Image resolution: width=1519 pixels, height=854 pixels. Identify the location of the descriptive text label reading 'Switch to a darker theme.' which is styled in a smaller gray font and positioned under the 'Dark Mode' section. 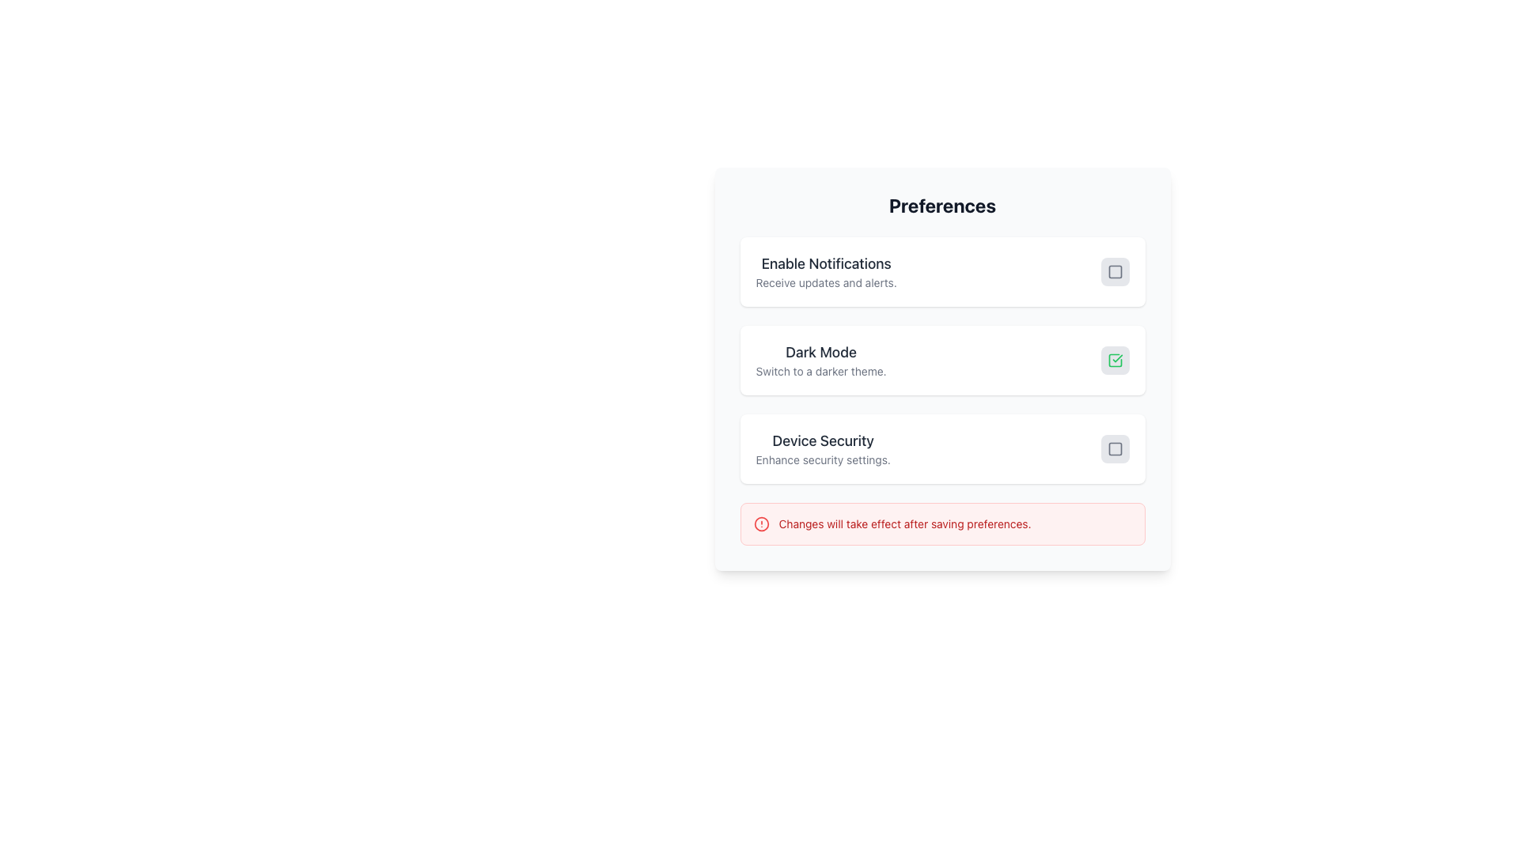
(821, 372).